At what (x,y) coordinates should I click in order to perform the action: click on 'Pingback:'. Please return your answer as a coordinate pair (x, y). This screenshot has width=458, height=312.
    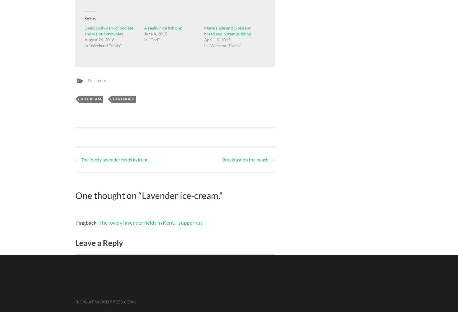
    Looking at the image, I should click on (87, 222).